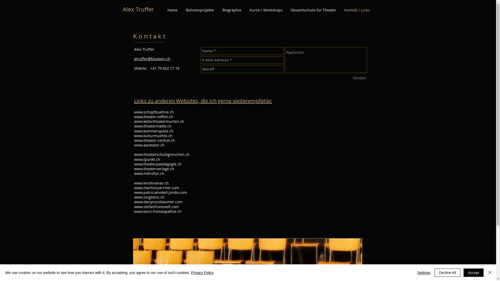 The width and height of the screenshot is (500, 281). What do you see at coordinates (157, 164) in the screenshot?
I see `'www.theaterpaedagogik.ch'` at bounding box center [157, 164].